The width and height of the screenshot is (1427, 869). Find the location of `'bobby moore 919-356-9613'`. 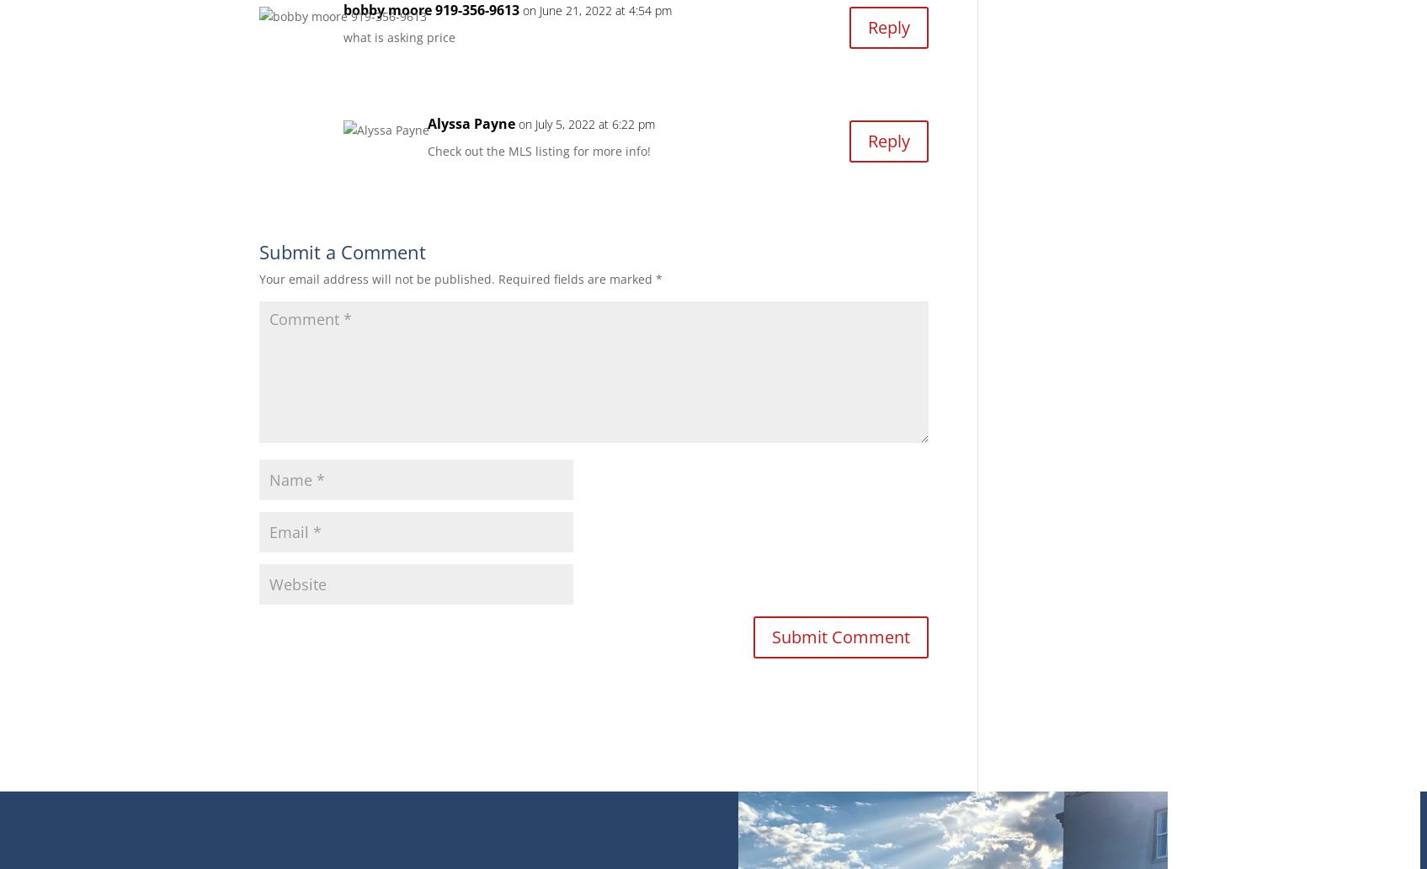

'bobby moore 919-356-9613' is located at coordinates (342, 9).